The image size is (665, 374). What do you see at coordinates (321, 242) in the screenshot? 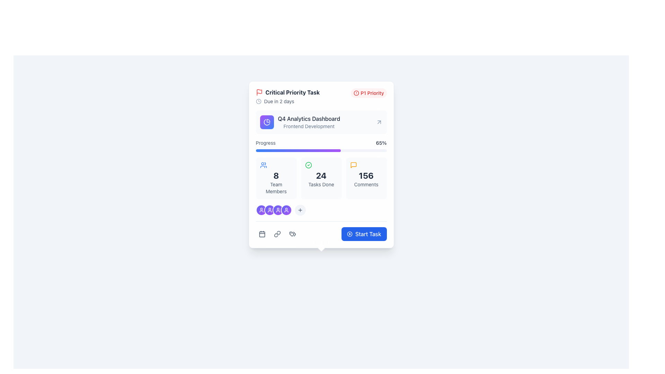
I see `the small, circular, white Decorative Dot located at the bottom center of the user interface card` at bounding box center [321, 242].